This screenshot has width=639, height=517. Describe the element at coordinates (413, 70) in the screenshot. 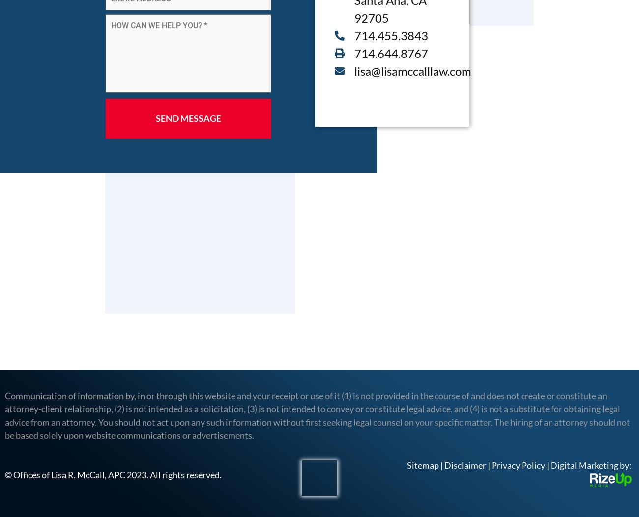

I see `'lisa@lisamccalllaw.com'` at that location.